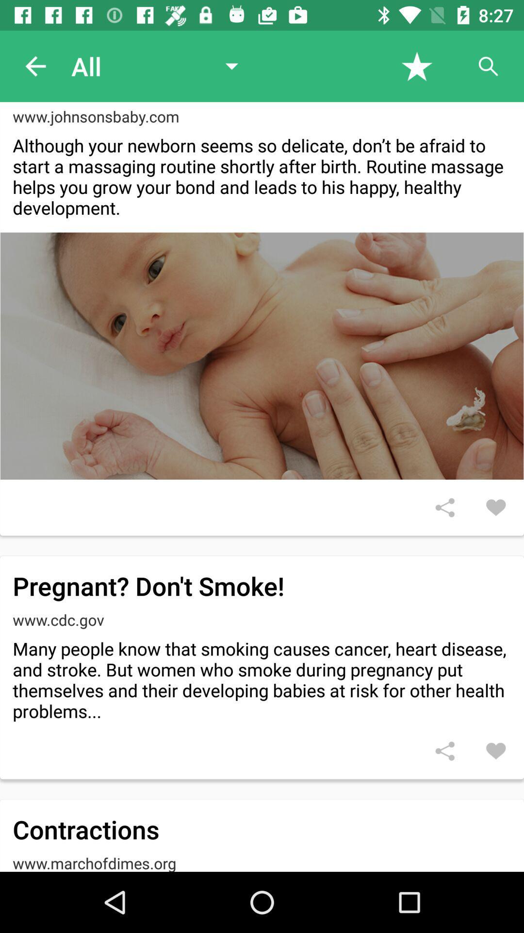  What do you see at coordinates (488, 66) in the screenshot?
I see `search option` at bounding box center [488, 66].